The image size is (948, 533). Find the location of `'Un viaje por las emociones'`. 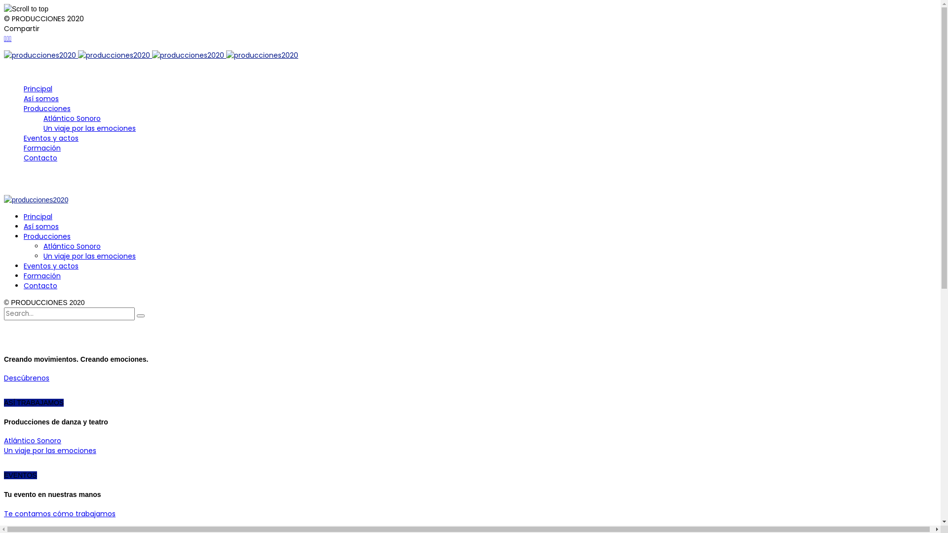

'Un viaje por las emociones' is located at coordinates (89, 256).